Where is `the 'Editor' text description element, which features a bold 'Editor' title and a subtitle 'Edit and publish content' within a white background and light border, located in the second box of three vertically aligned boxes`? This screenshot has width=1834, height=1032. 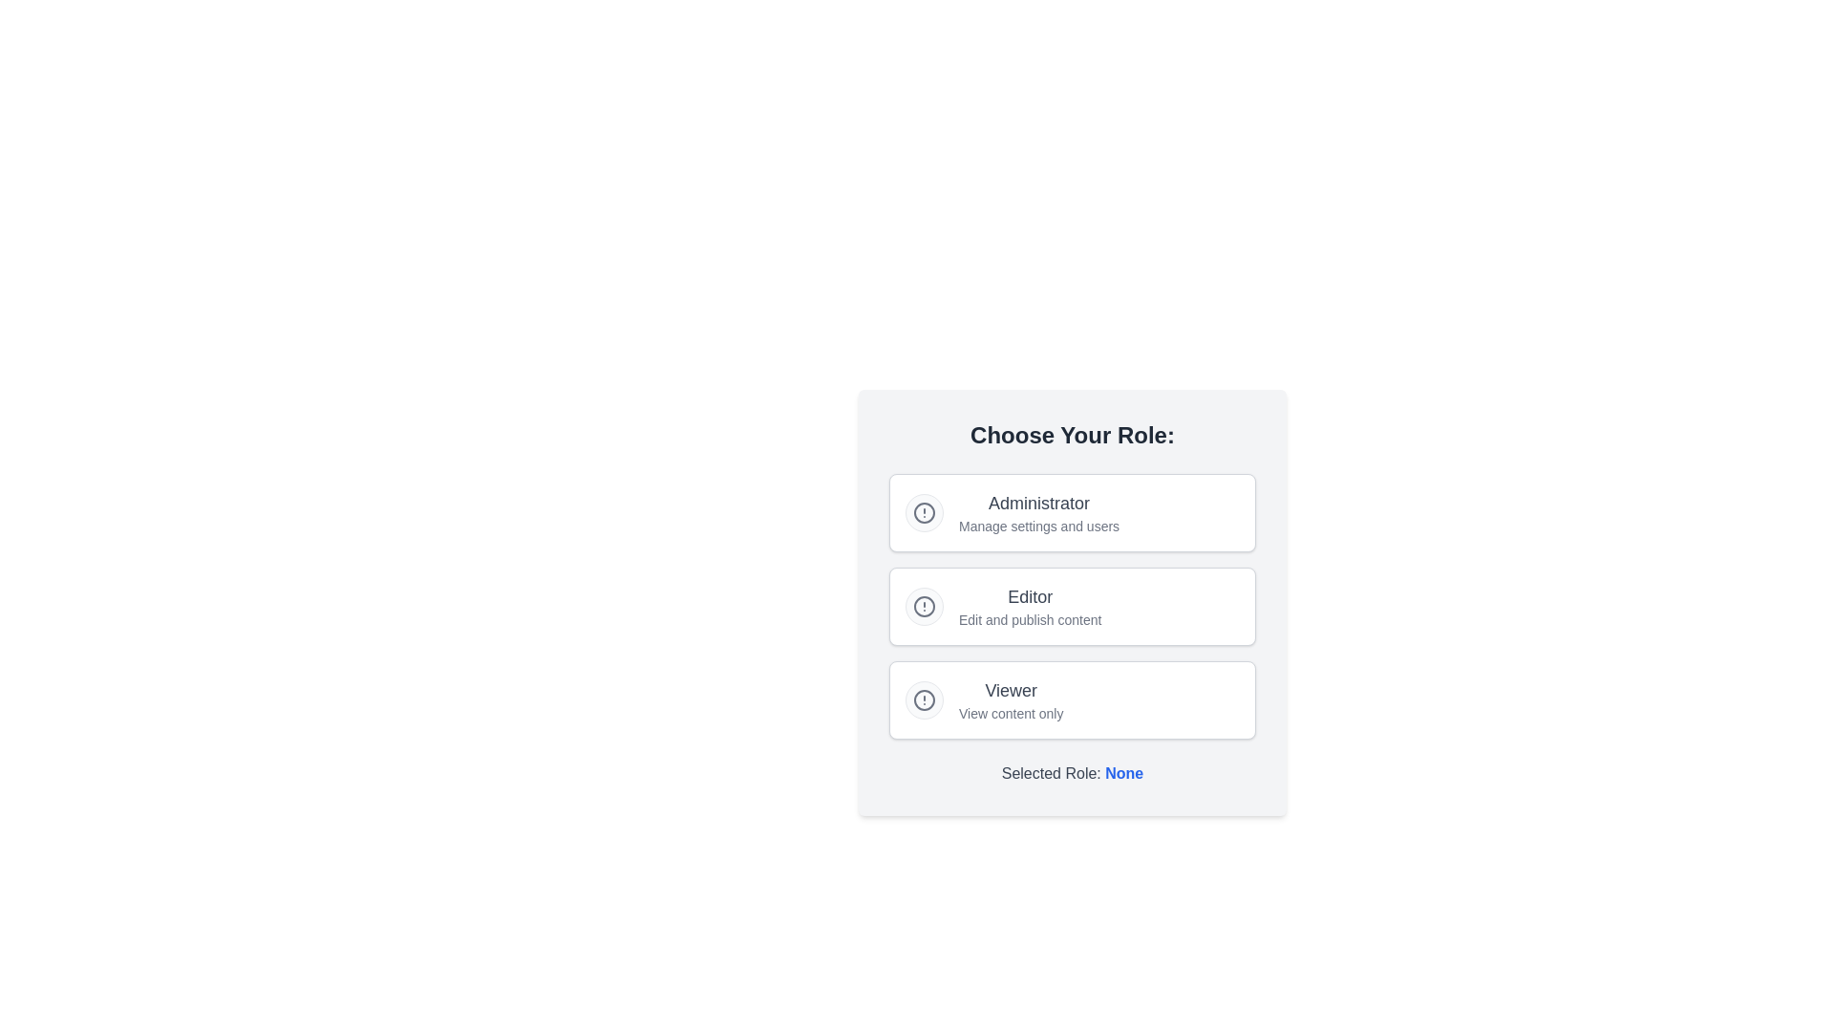
the 'Editor' text description element, which features a bold 'Editor' title and a subtitle 'Edit and publish content' within a white background and light border, located in the second box of three vertically aligned boxes is located at coordinates (1029, 607).